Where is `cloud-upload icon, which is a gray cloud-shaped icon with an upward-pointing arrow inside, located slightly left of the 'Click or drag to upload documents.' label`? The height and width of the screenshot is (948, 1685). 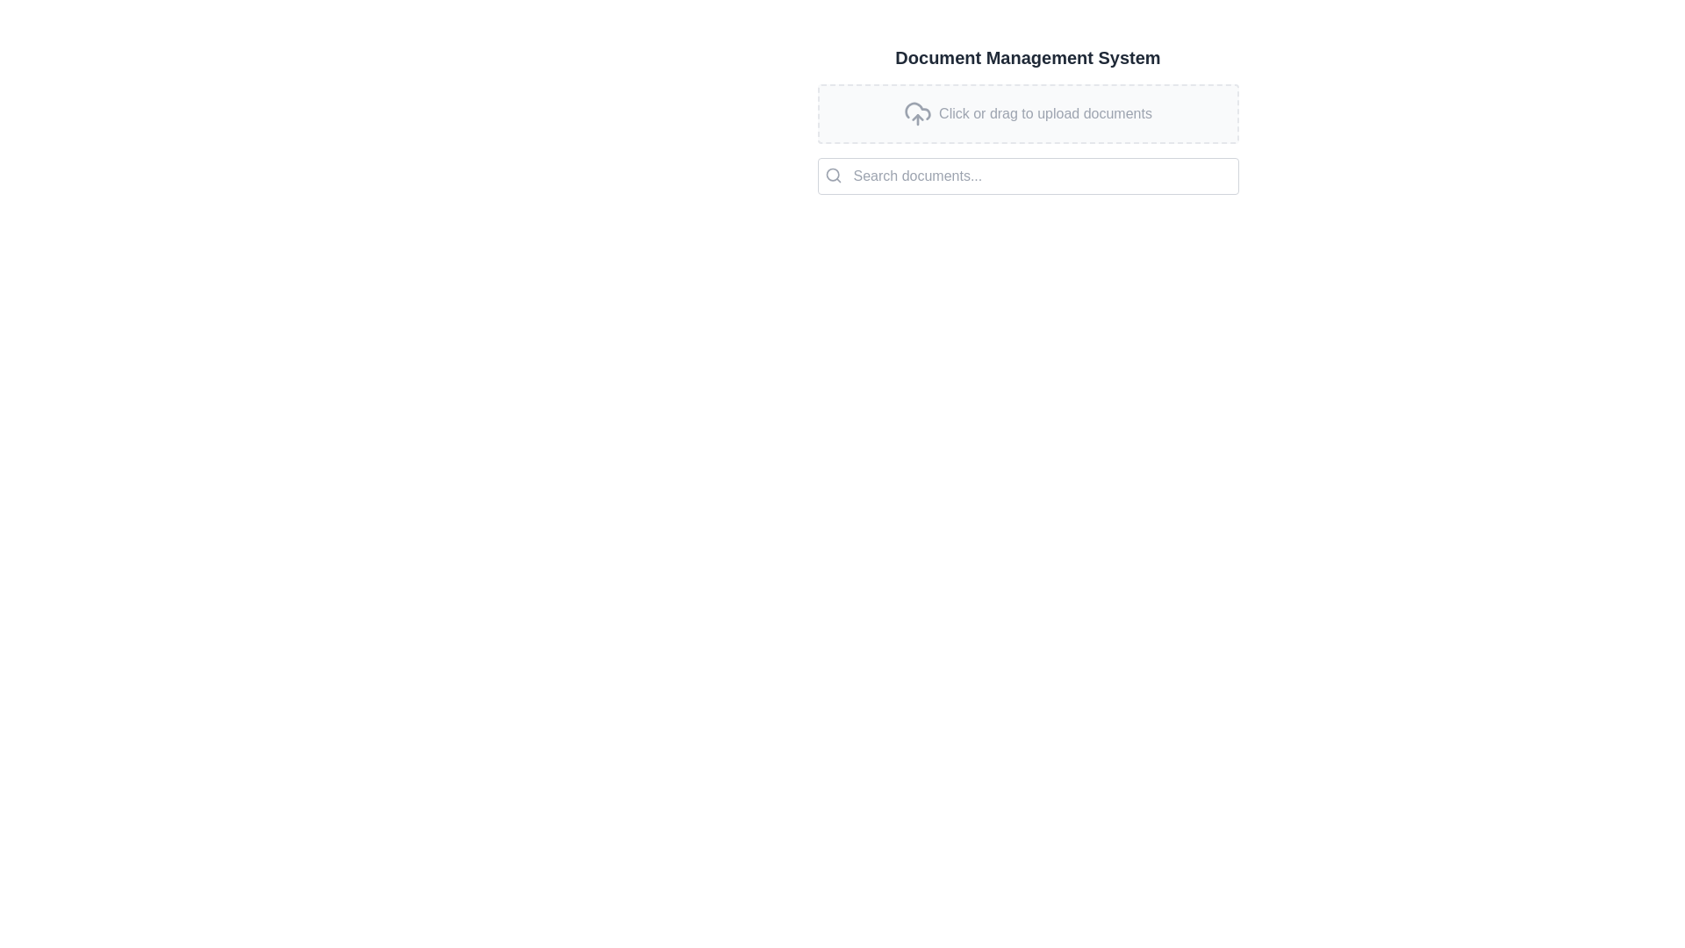 cloud-upload icon, which is a gray cloud-shaped icon with an upward-pointing arrow inside, located slightly left of the 'Click or drag to upload documents.' label is located at coordinates (917, 114).